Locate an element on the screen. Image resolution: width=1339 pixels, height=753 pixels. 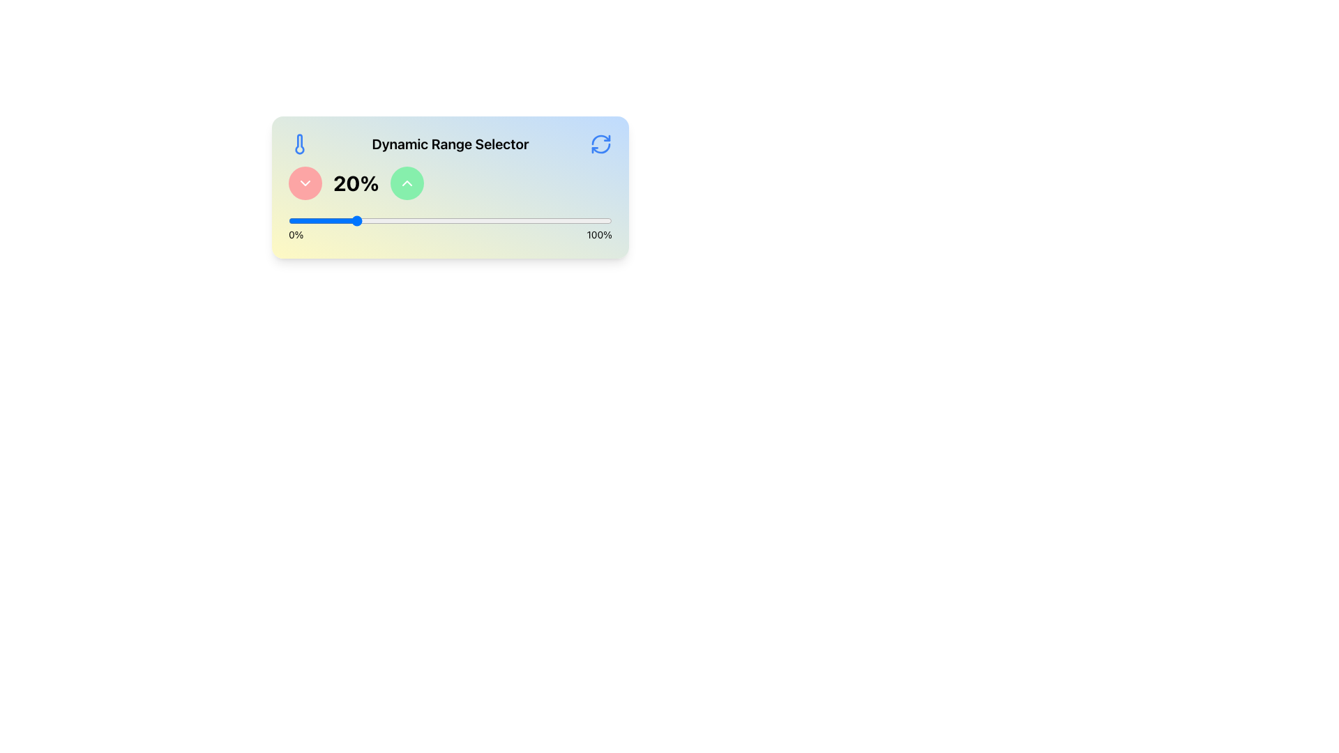
the handle of the interactive range slider located between '0%' and '100%' is located at coordinates (451, 220).